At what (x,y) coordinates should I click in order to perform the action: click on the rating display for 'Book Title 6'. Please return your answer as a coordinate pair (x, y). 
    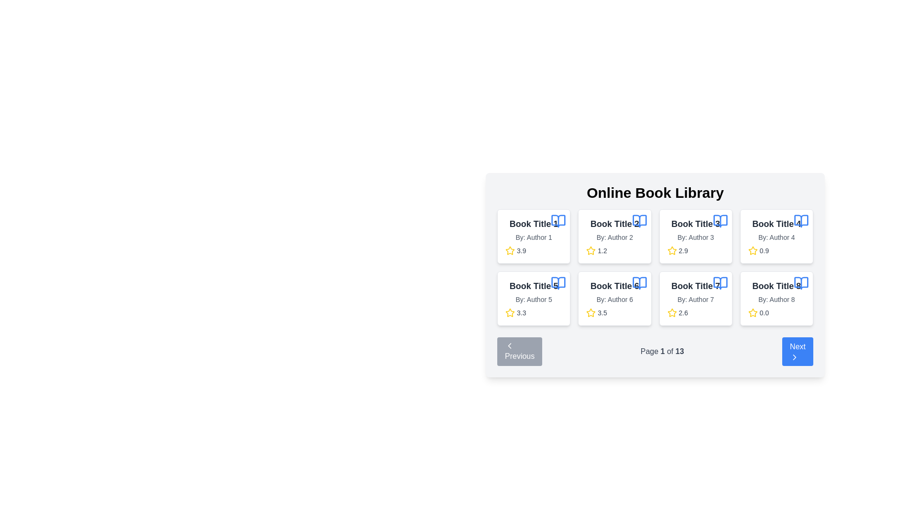
    Looking at the image, I should click on (614, 313).